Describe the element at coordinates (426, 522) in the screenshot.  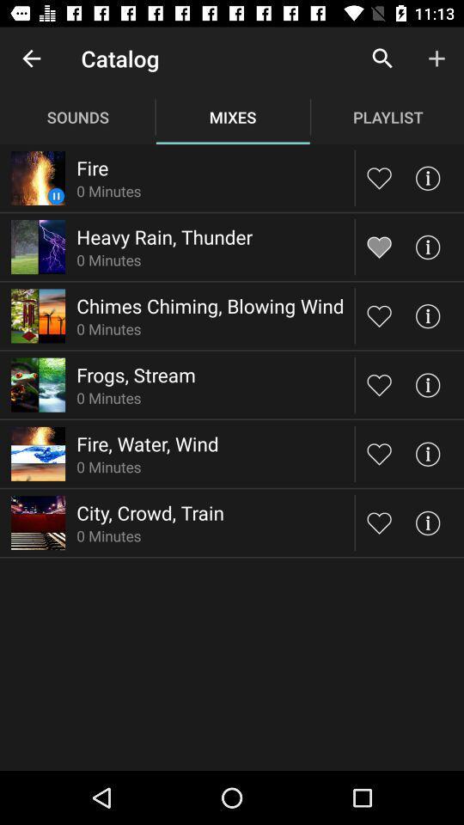
I see `information button` at that location.